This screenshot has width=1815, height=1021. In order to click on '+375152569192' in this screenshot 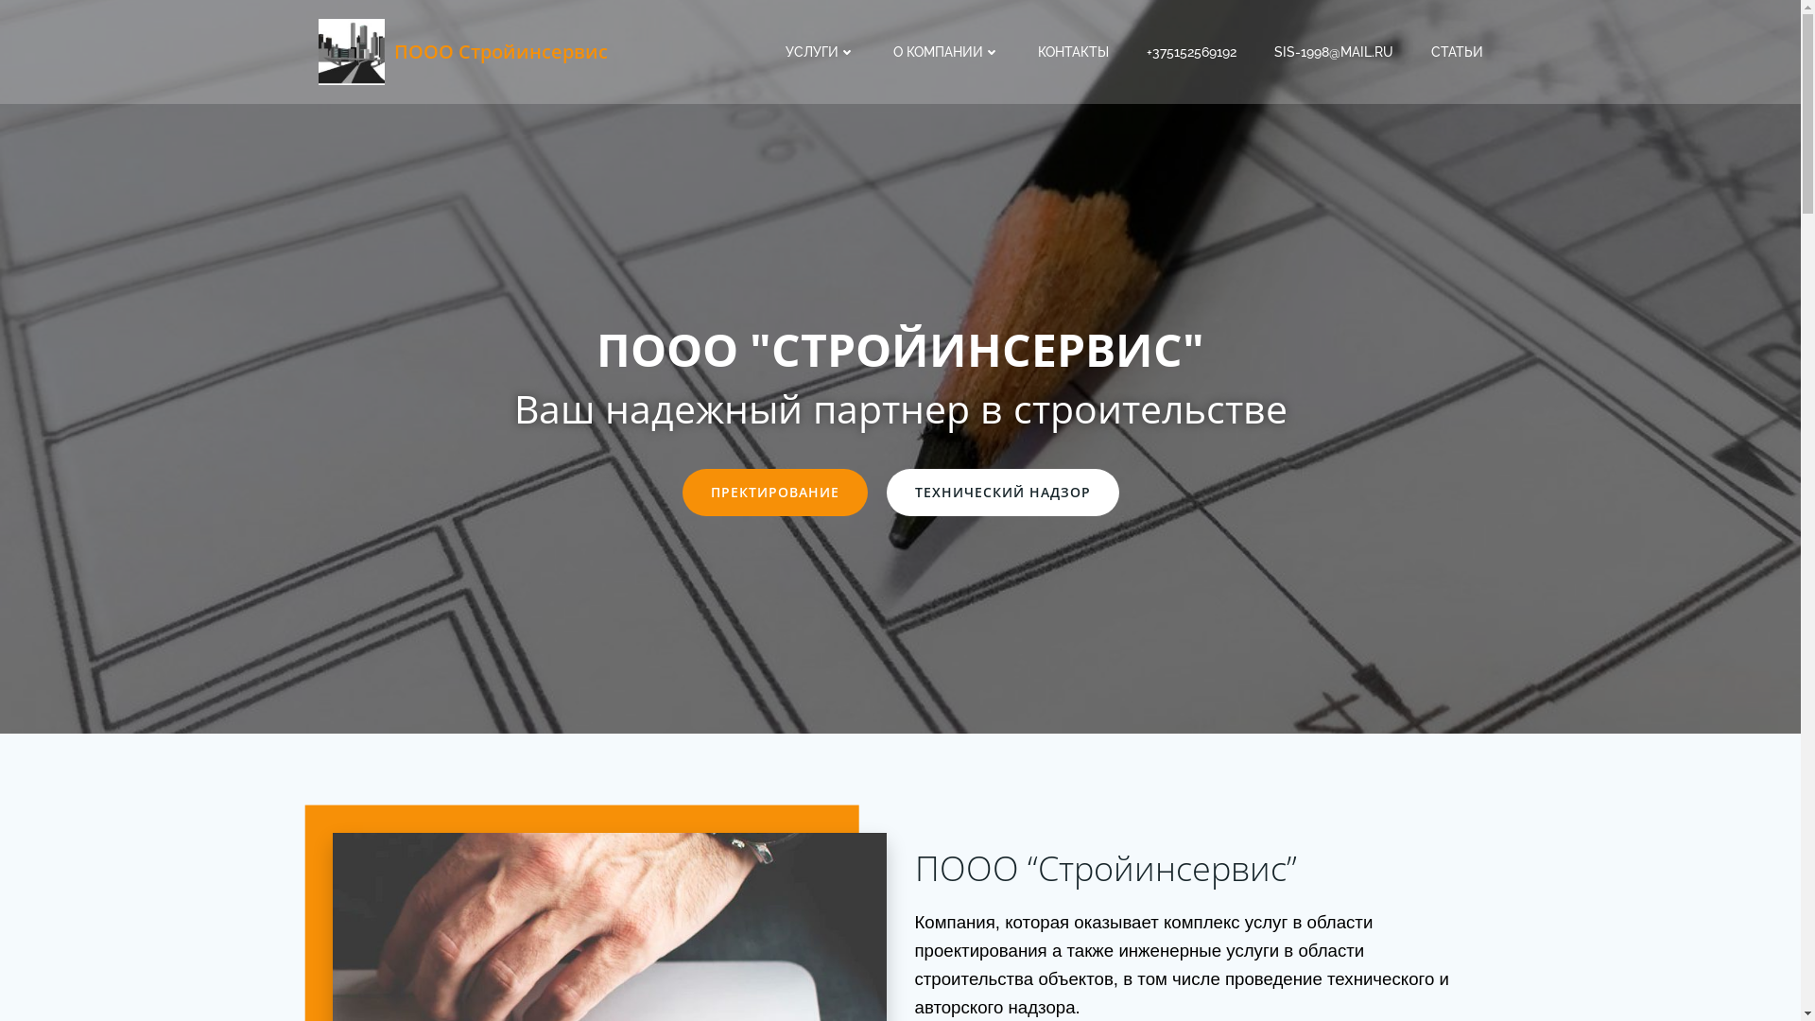, I will do `click(1189, 50)`.